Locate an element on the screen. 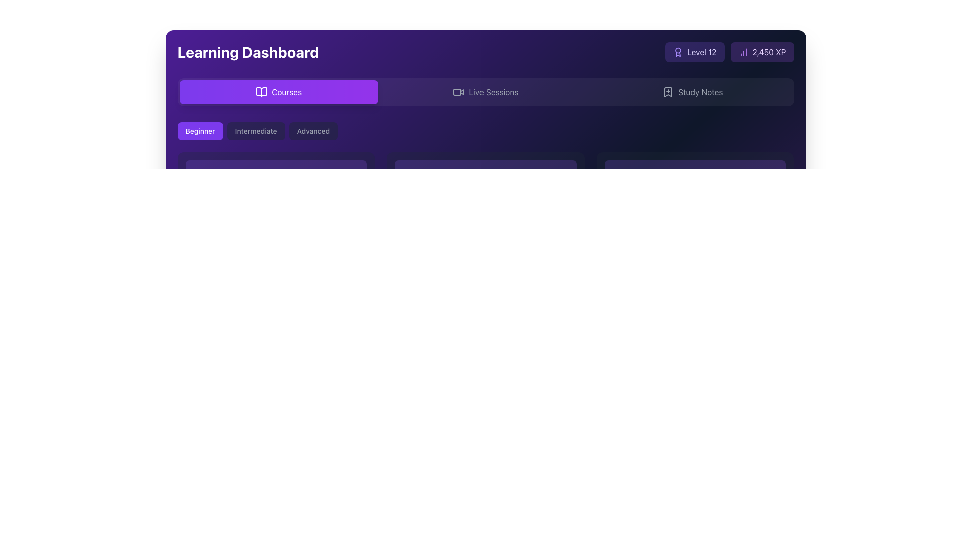 The width and height of the screenshot is (961, 540). the video-camera icon located in the 'Live Sessions' section of the navigation bar, positioned centrally within the 'Live Sessions' button is located at coordinates (458, 92).